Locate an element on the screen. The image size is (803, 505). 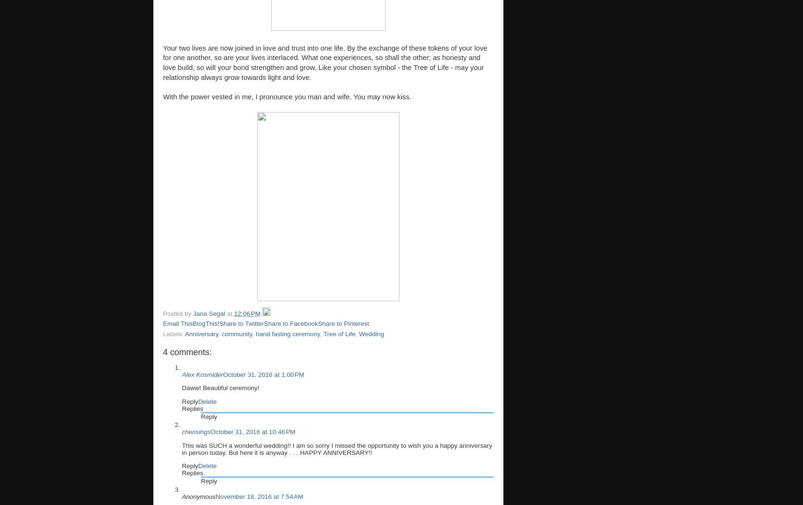
'cherisings' is located at coordinates (195, 431).